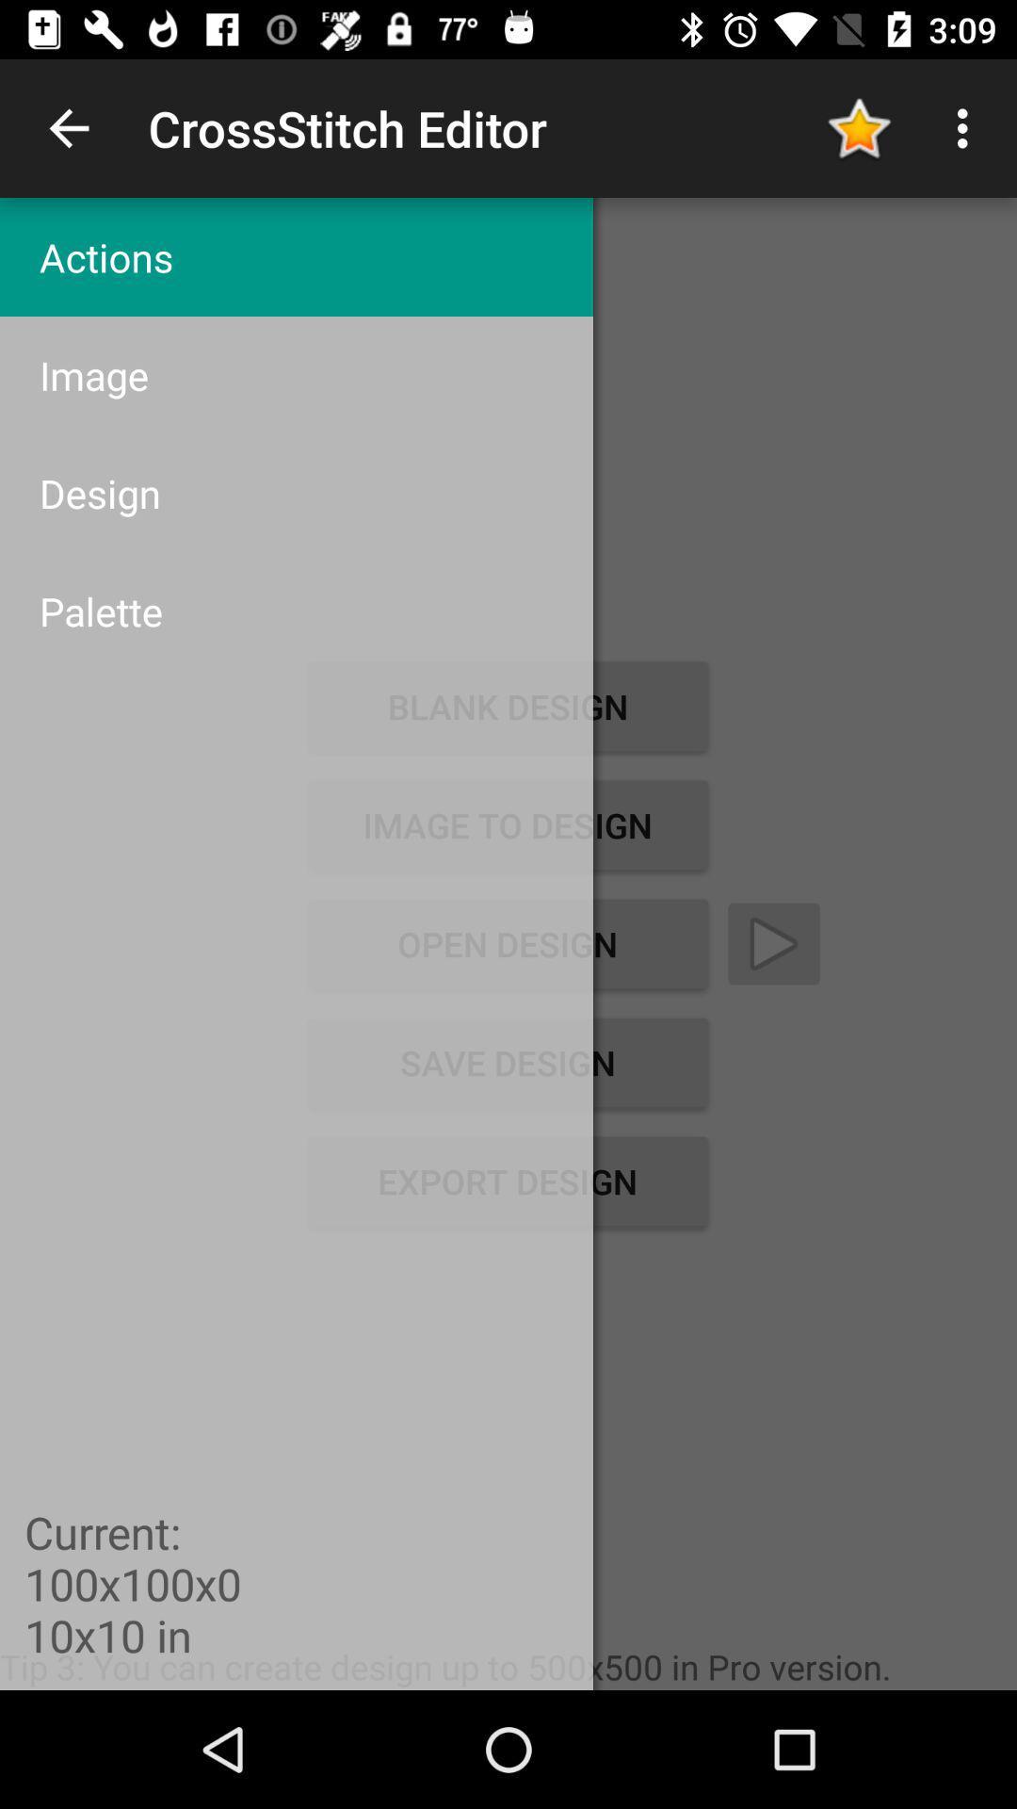 This screenshot has width=1017, height=1809. What do you see at coordinates (507, 1063) in the screenshot?
I see `the save design item` at bounding box center [507, 1063].